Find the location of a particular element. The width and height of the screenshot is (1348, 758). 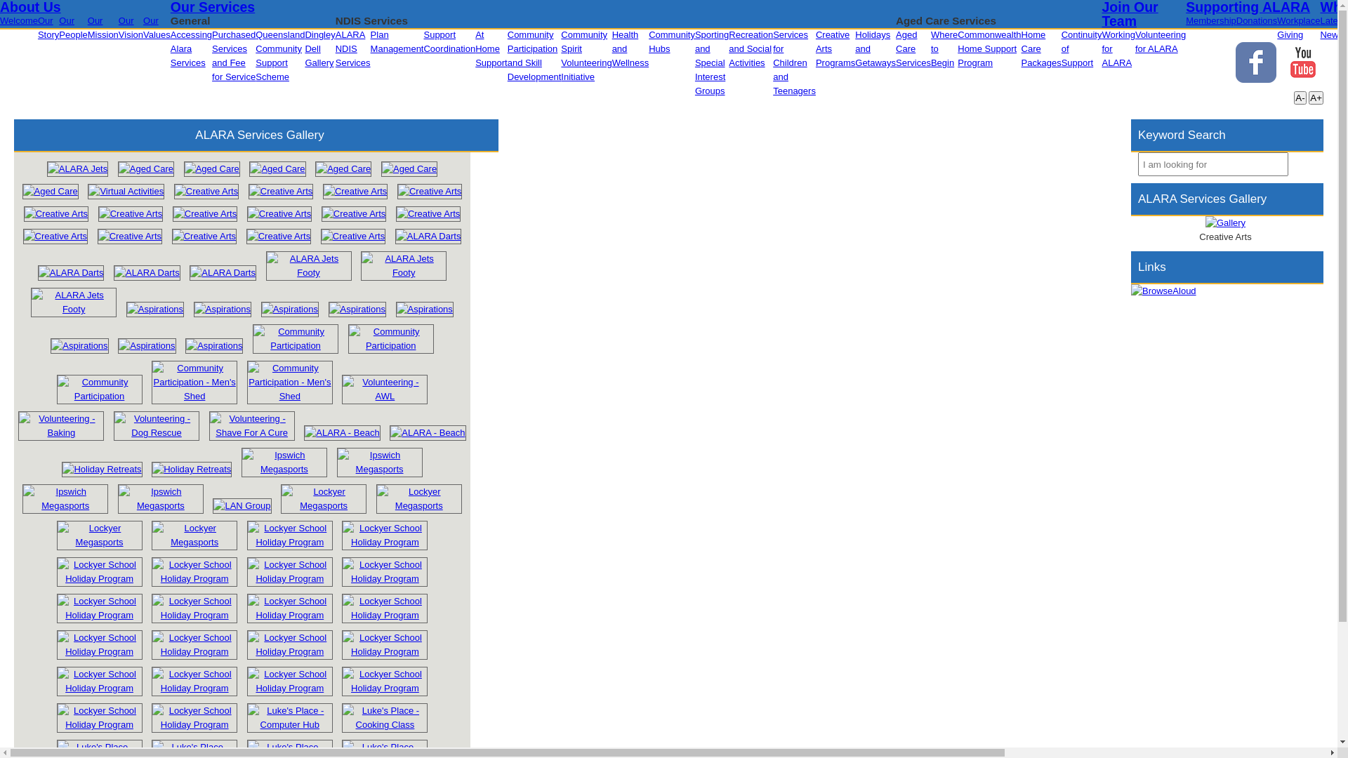

'Luke's Place - Cooking Class' is located at coordinates (384, 717).